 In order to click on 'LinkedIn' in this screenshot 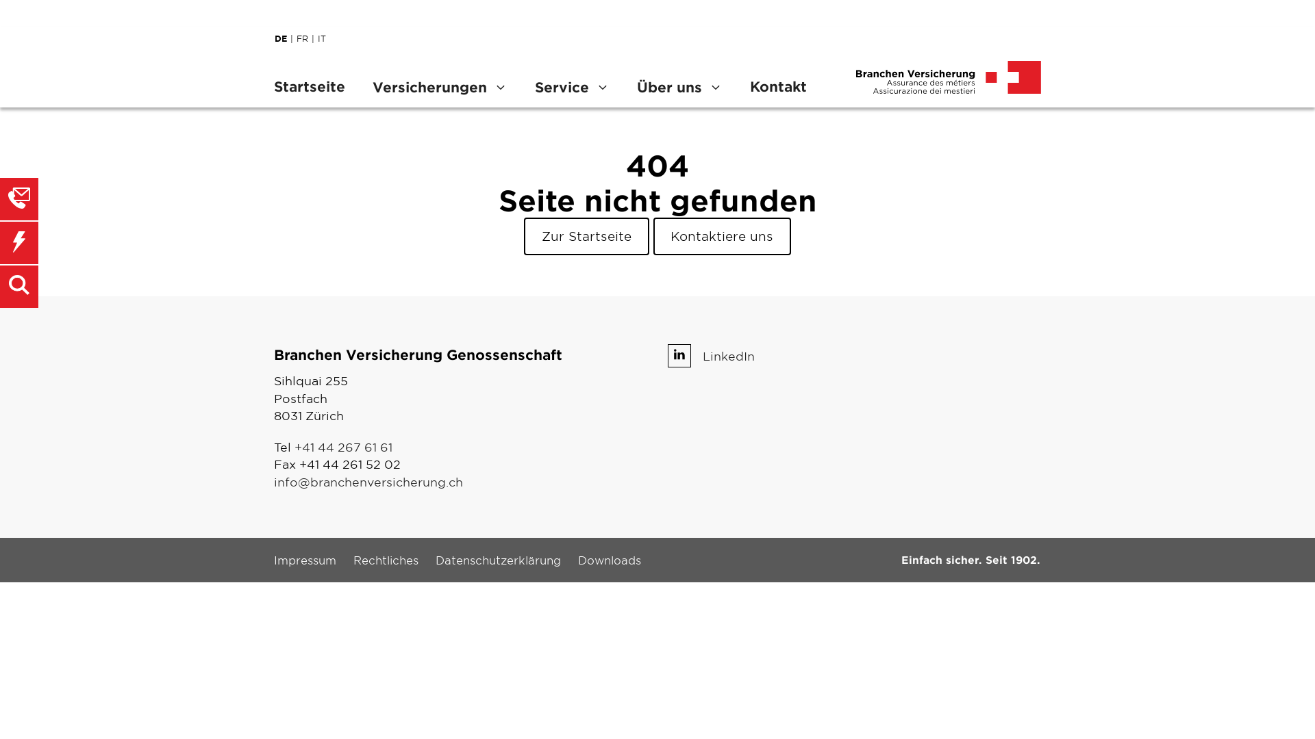, I will do `click(727, 355)`.